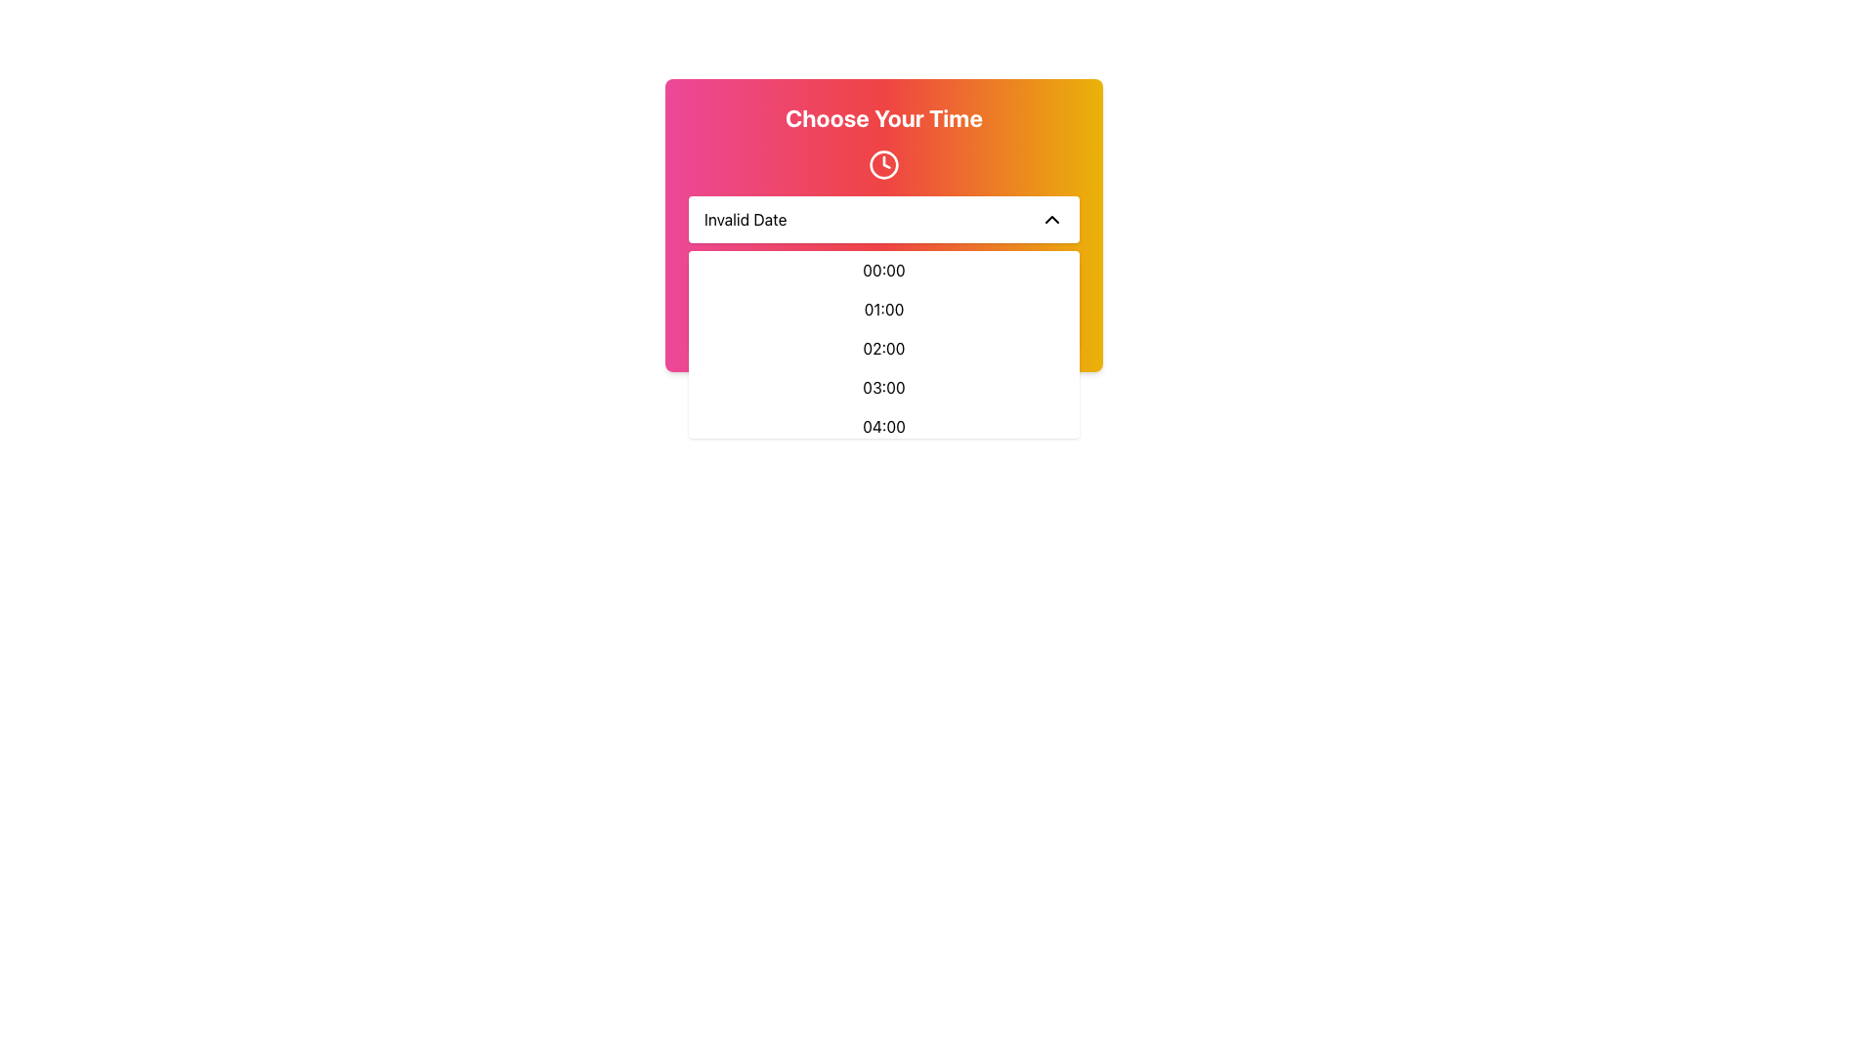 The height and width of the screenshot is (1055, 1876). Describe the element at coordinates (1050, 219) in the screenshot. I see `the downward-pointing chevron icon with a black outline and transparent fill, located on the right side of the box containing the 'Invalid Date' text` at that location.